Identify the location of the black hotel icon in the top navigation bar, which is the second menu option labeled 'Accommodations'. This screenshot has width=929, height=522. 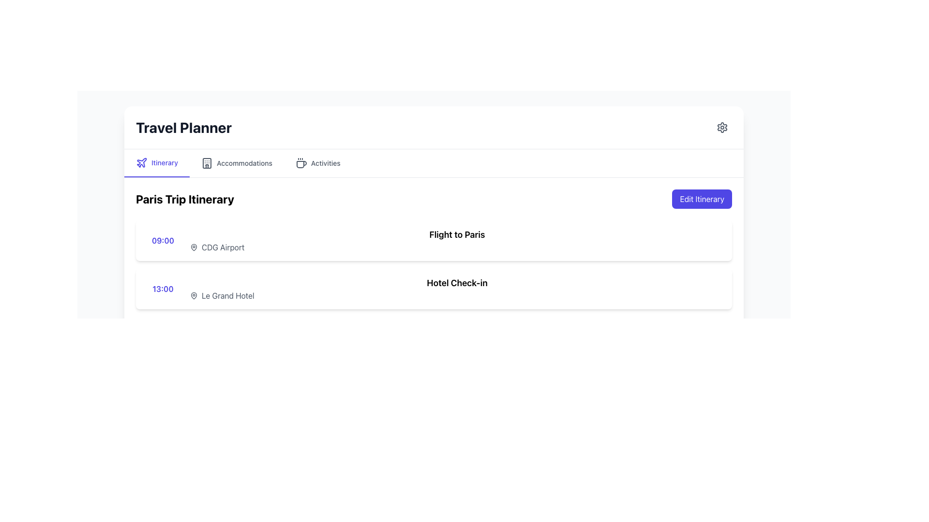
(207, 163).